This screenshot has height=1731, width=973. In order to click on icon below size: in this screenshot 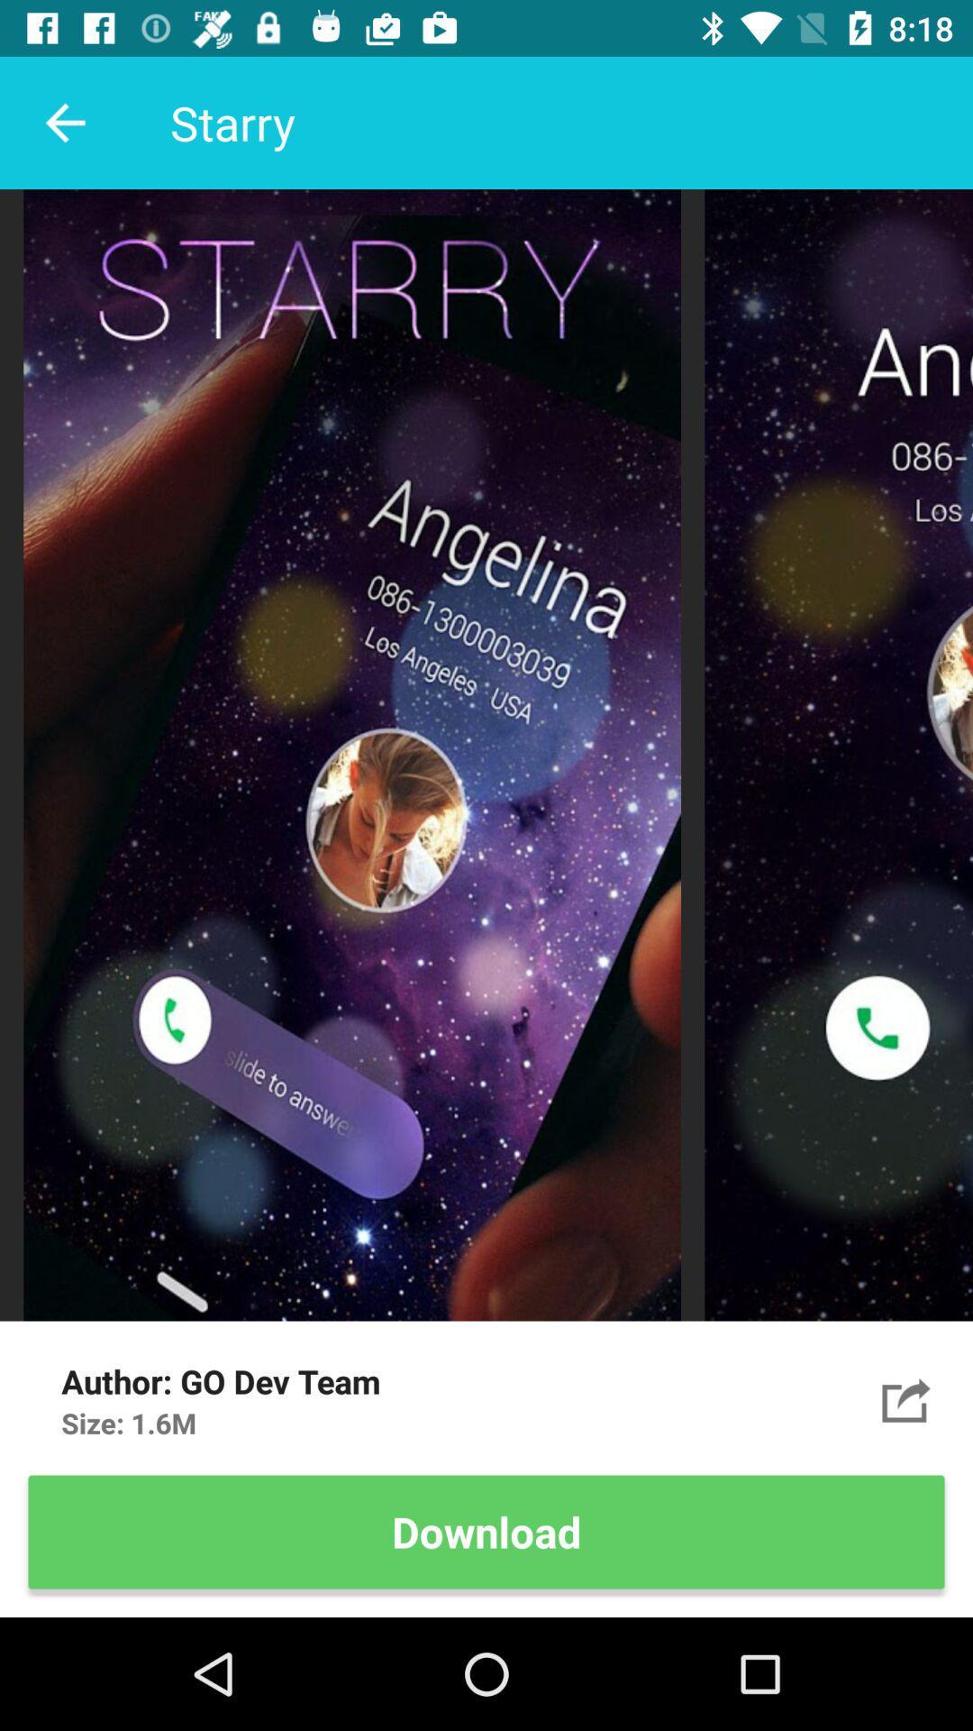, I will do `click(486, 1531)`.